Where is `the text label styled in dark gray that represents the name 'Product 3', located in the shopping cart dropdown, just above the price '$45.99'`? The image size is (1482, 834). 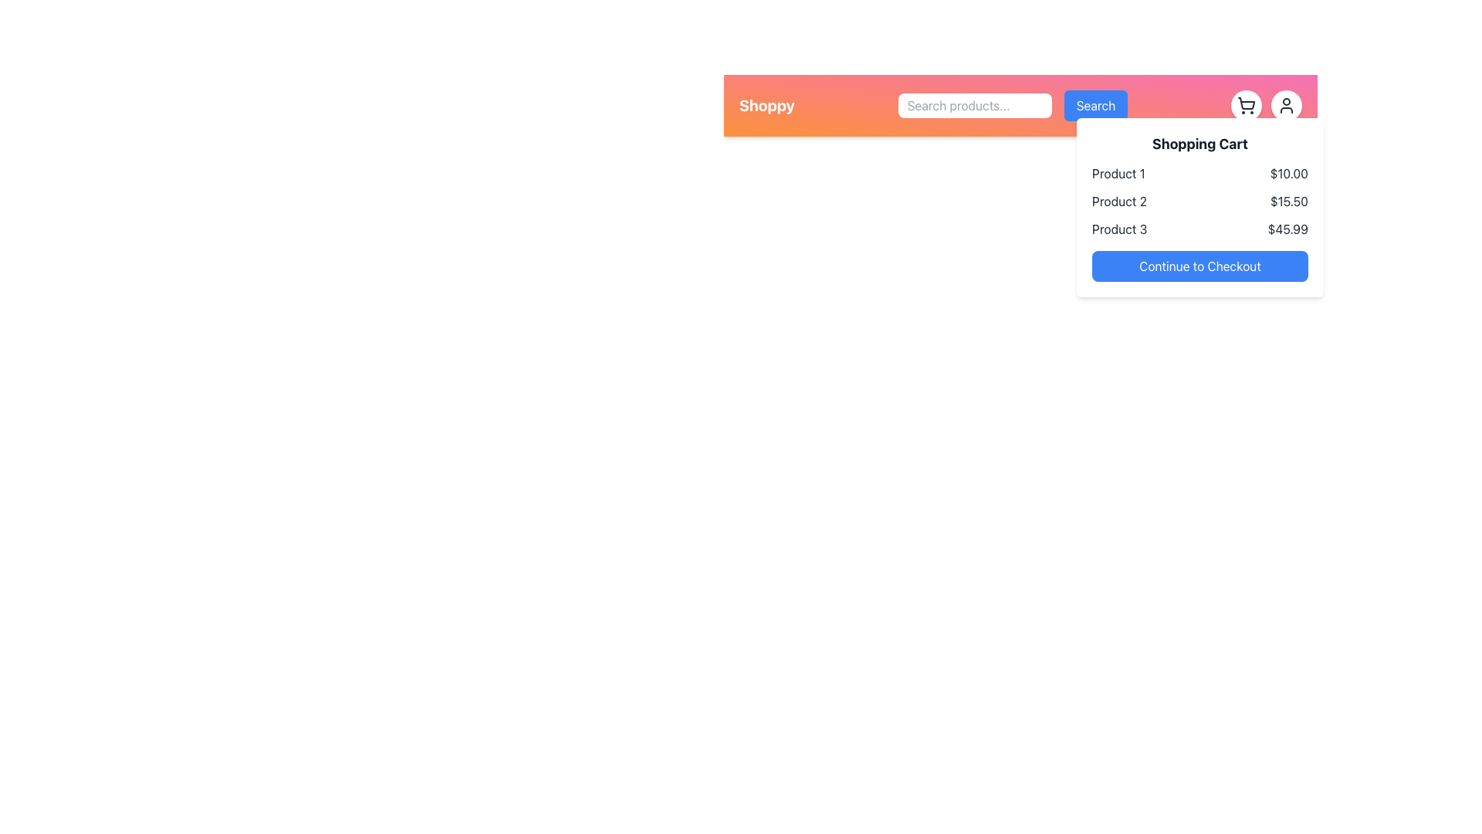 the text label styled in dark gray that represents the name 'Product 3', located in the shopping cart dropdown, just above the price '$45.99' is located at coordinates (1119, 229).